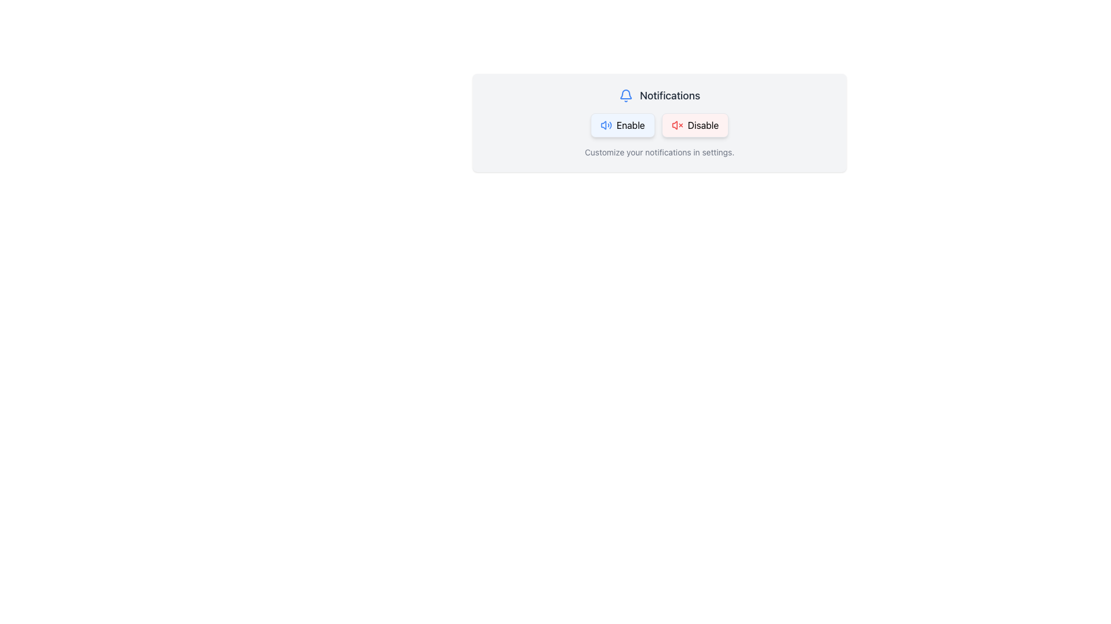 The width and height of the screenshot is (1111, 624). I want to click on the notification bell icon outlined in blue, located to the left of the 'Notifications' text in the header section, so click(625, 95).